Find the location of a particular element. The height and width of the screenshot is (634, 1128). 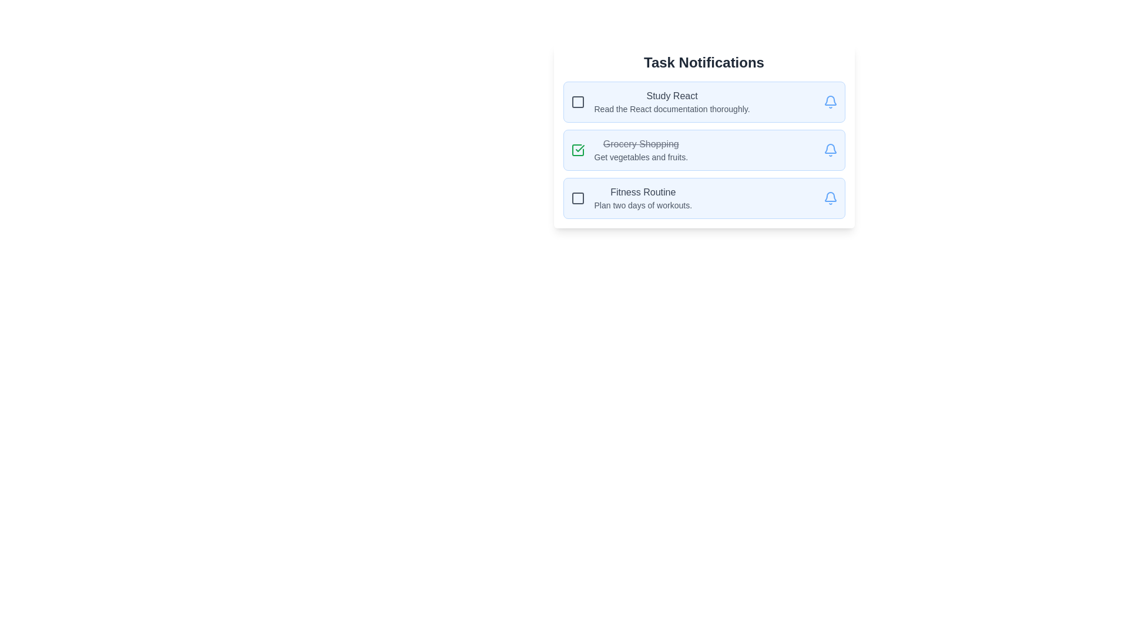

the 'Study React' task notification component, which is the first item in the list of task notifications is located at coordinates (704, 101).